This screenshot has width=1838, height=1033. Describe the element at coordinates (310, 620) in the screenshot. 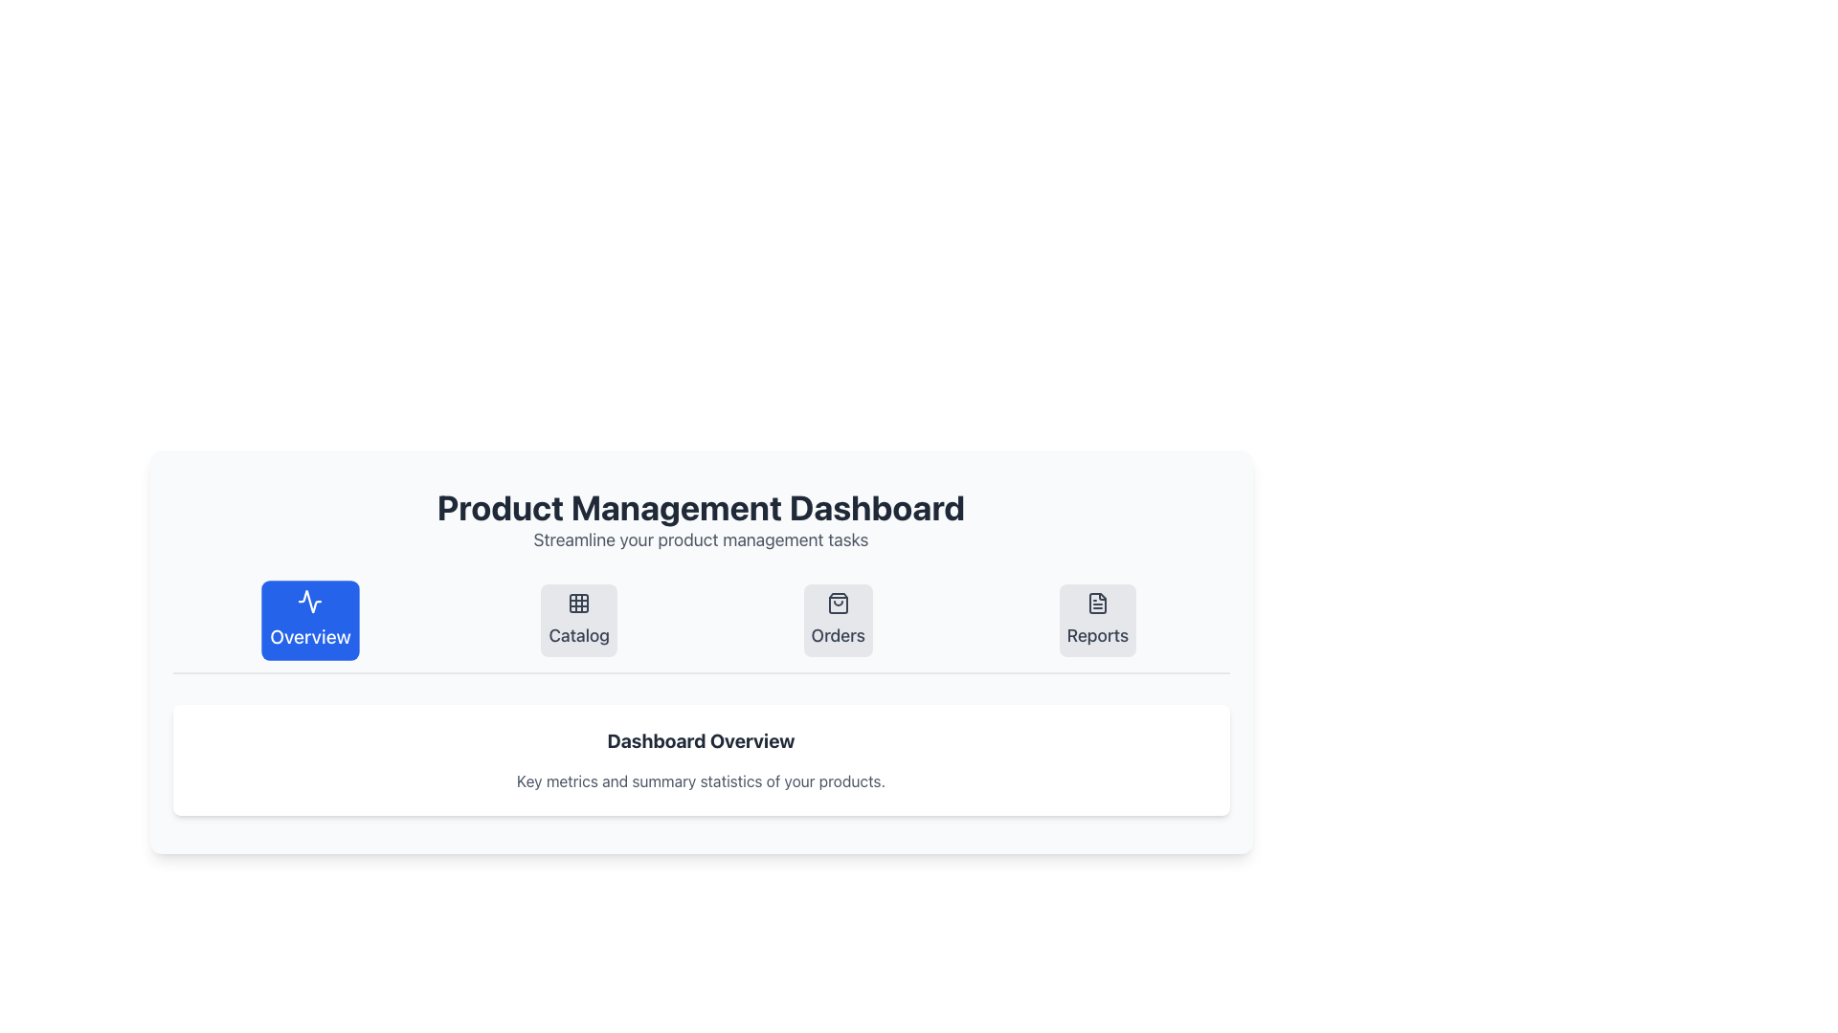

I see `the navigation button that takes the user to the 'Overview' section of the application, located at the top-left of the interface below the 'Product Management Dashboard' header` at that location.